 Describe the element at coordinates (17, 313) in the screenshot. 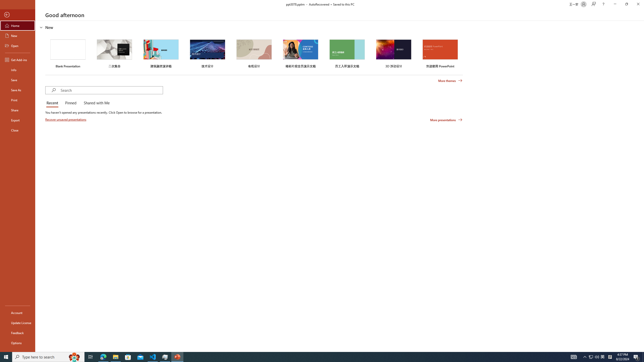

I see `'Account'` at that location.